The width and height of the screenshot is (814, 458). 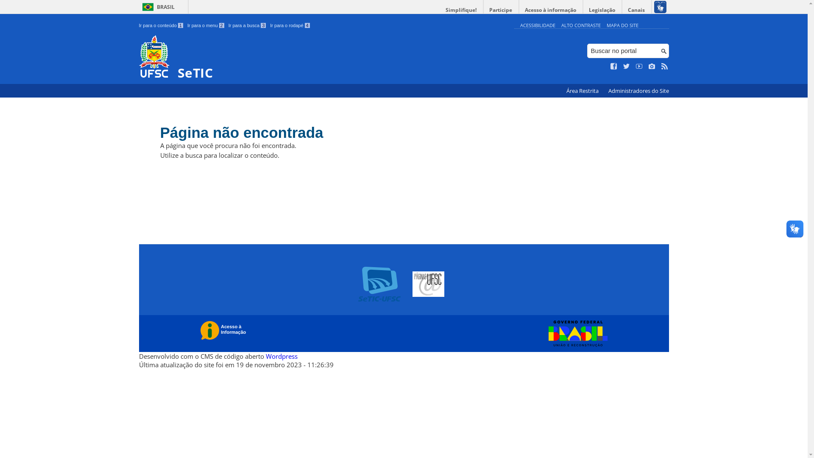 I want to click on 'Ir para o menu 2', so click(x=206, y=25).